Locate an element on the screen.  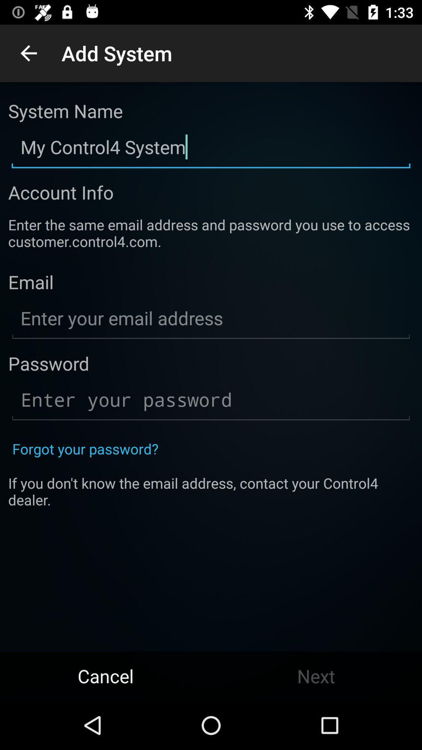
the text below email is located at coordinates (211, 319).